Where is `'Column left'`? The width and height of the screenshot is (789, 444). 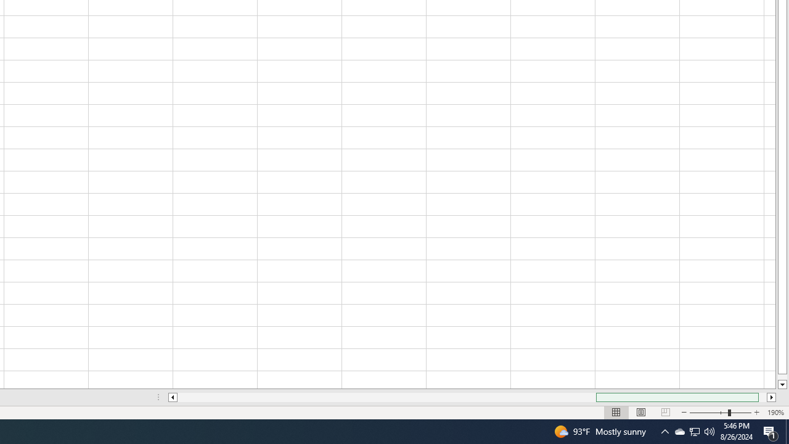 'Column left' is located at coordinates (171, 397).